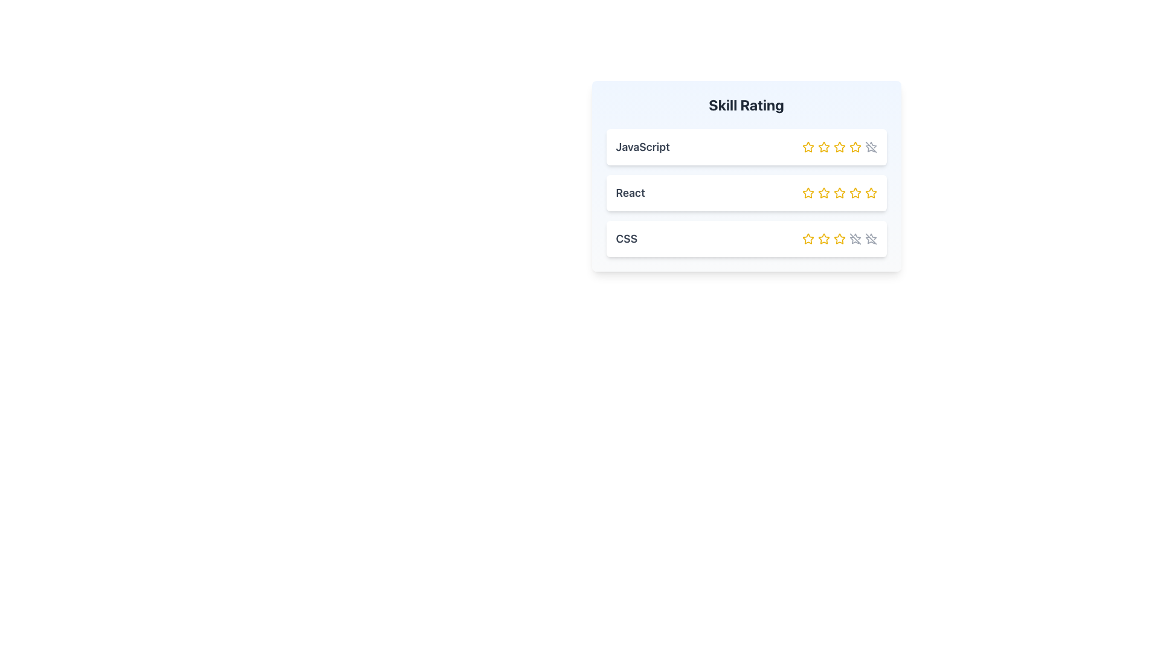  I want to click on the yellow star icon in the 'Skill Rating' section to rate CSS as 2, so click(823, 239).